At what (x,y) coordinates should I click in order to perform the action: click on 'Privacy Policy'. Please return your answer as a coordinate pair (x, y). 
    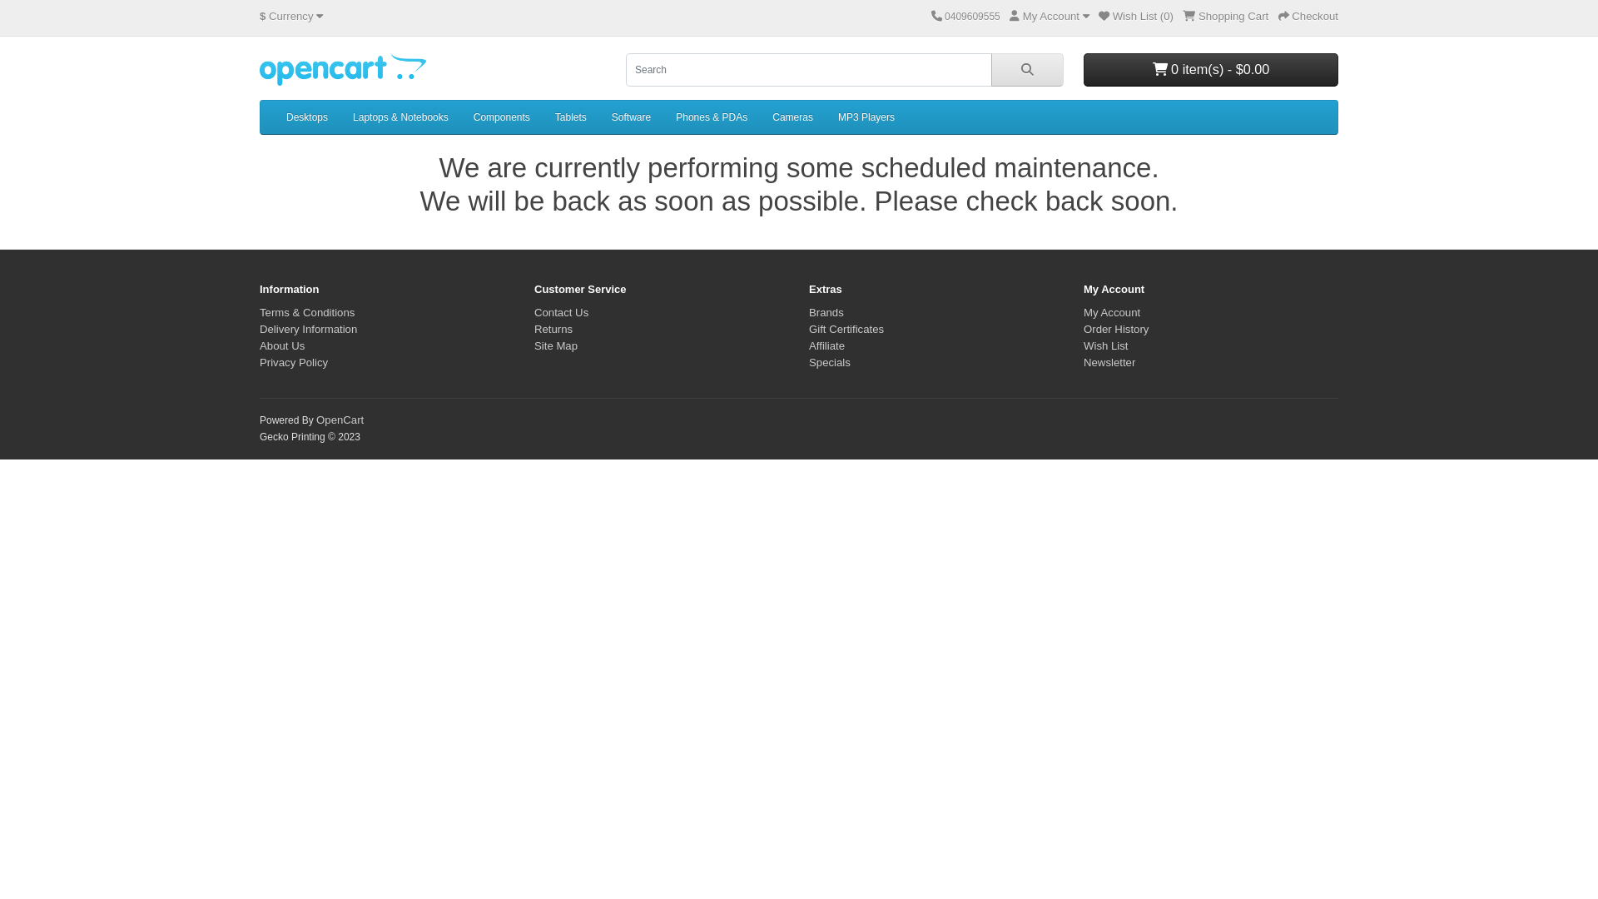
    Looking at the image, I should click on (294, 361).